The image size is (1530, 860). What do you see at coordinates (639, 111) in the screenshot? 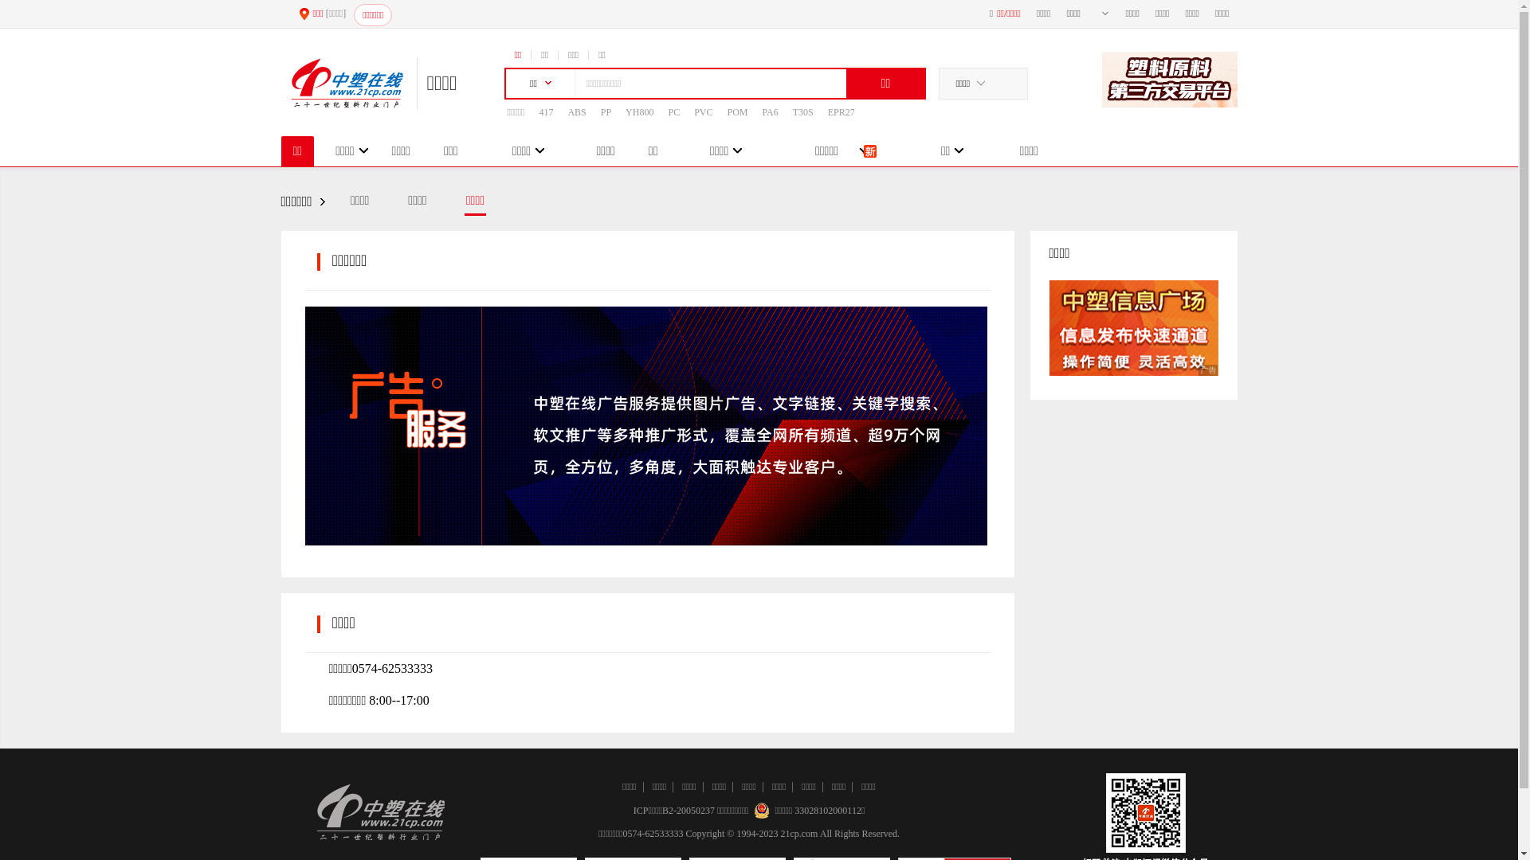
I see `'YH800'` at bounding box center [639, 111].